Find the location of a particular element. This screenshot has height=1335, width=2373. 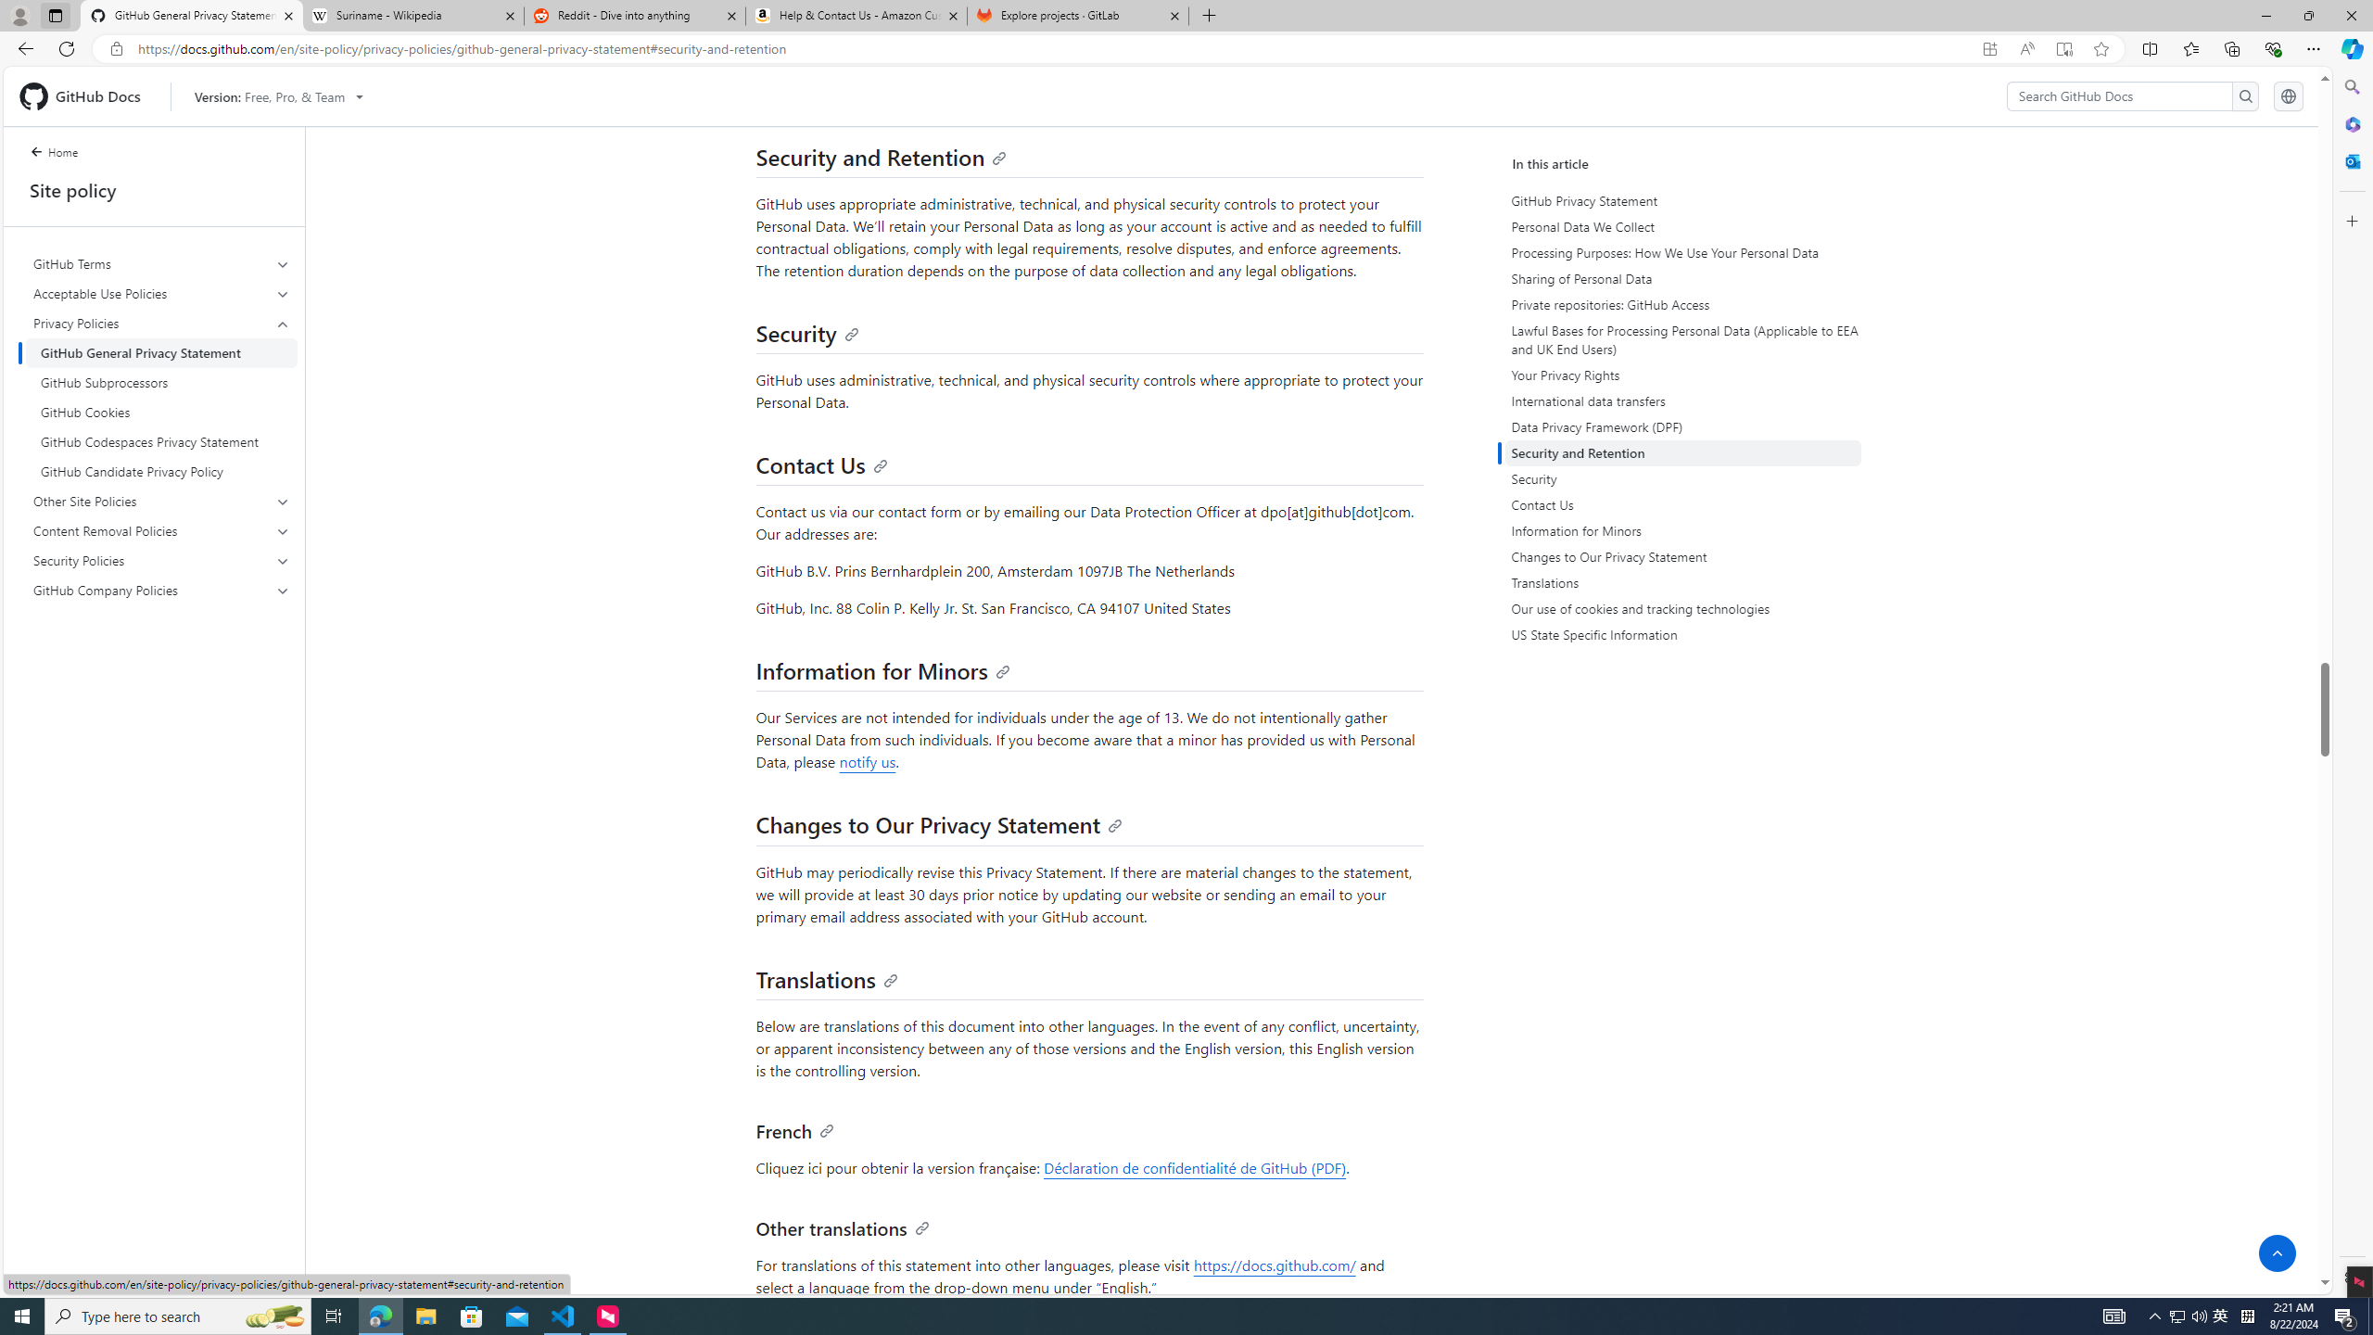

'Your Privacy Rights' is located at coordinates (1681, 375).